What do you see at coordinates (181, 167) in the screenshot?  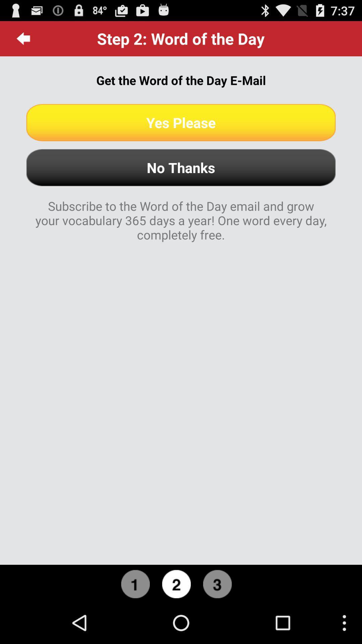 I see `app above subscribe to the icon` at bounding box center [181, 167].